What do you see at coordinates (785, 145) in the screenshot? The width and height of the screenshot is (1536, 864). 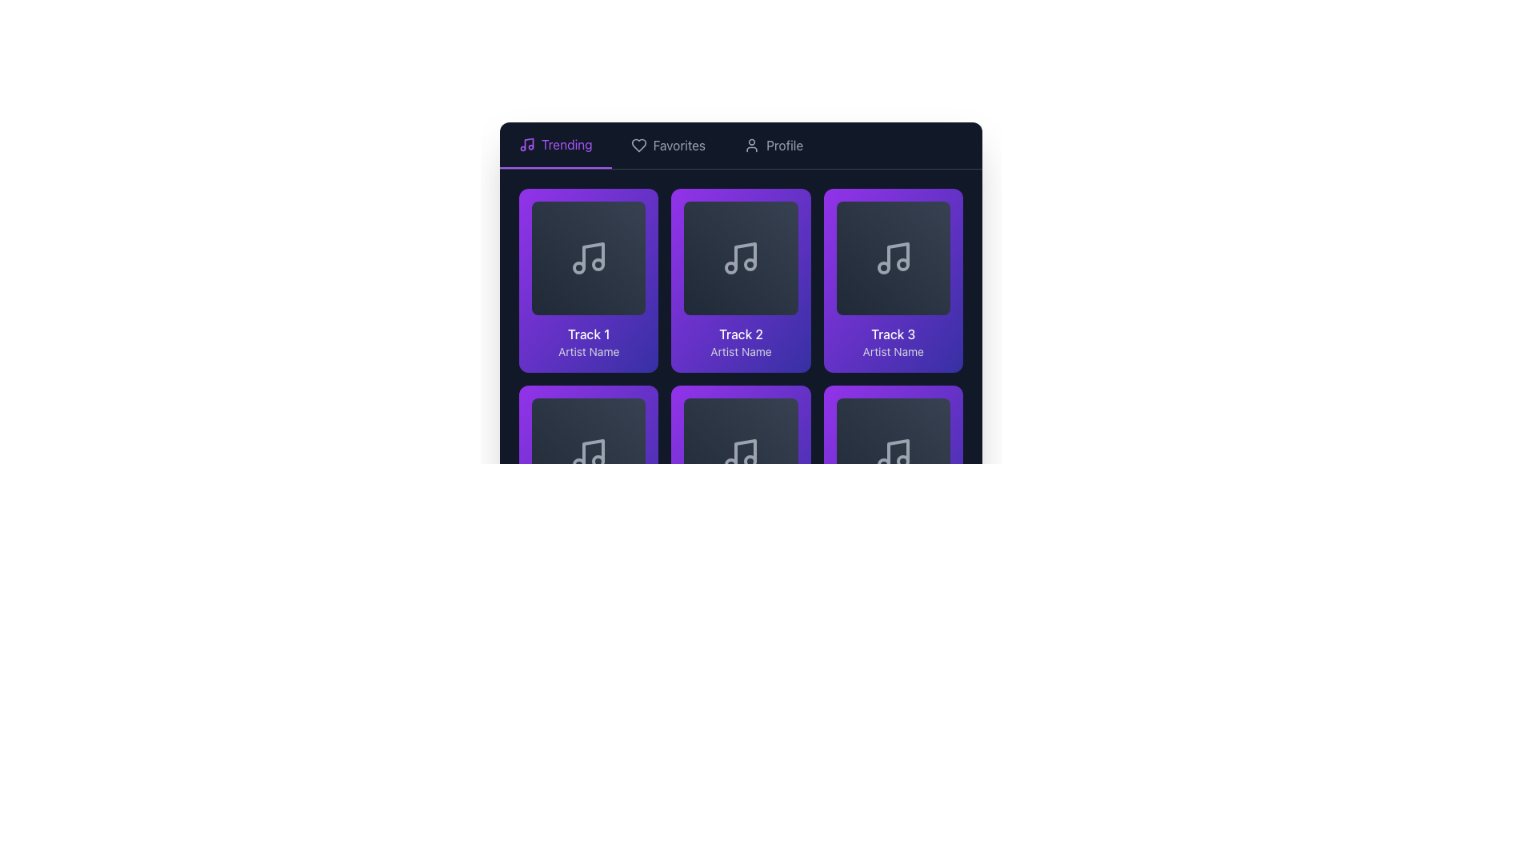 I see `the content of the 'Profile' text label located at the far-right end of the top navigation bar, adjacent to the user icon` at bounding box center [785, 145].